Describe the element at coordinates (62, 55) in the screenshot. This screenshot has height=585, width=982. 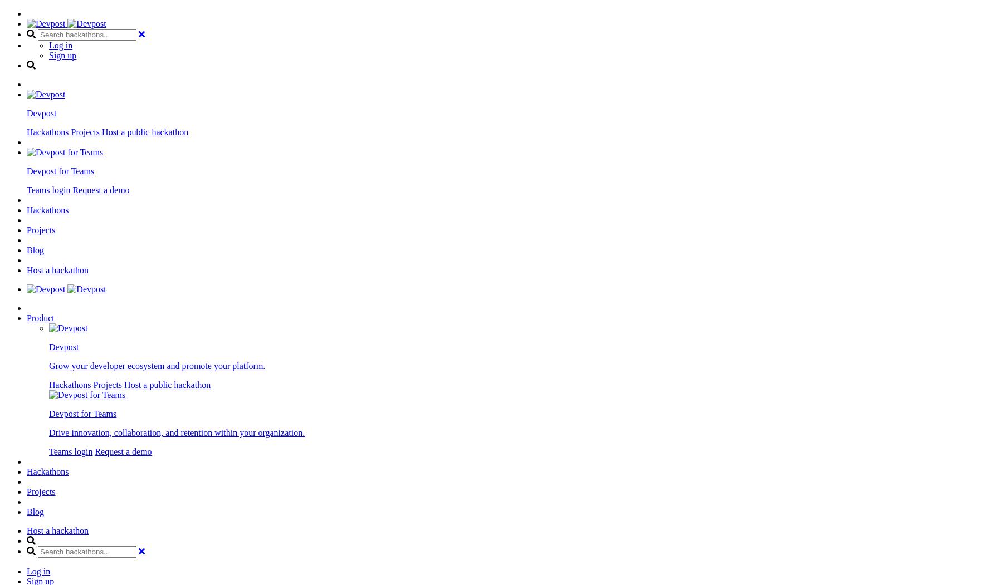
I see `'Sign up'` at that location.